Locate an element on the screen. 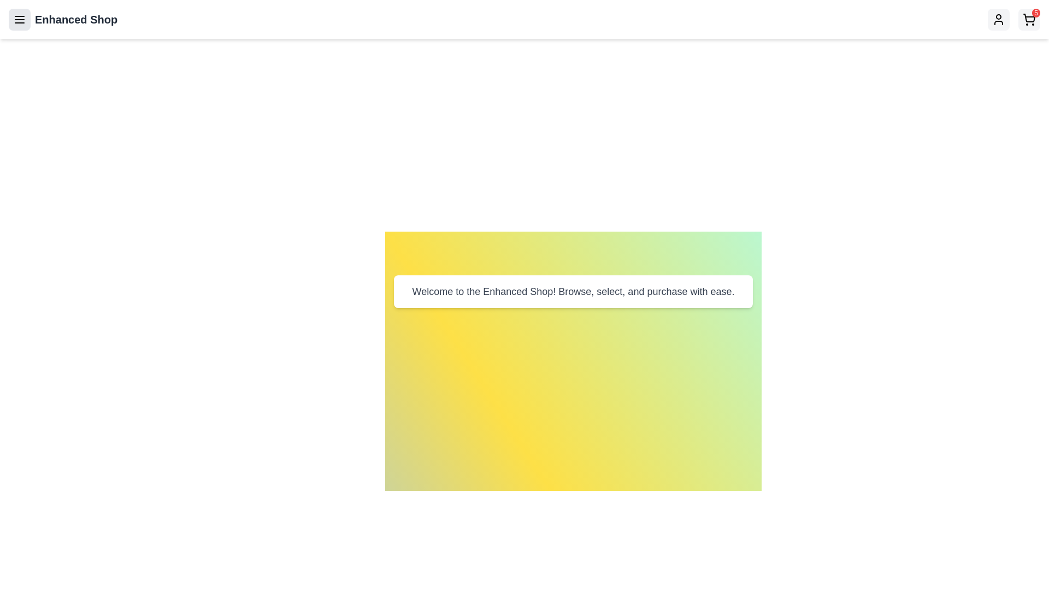  the shopping cart icon to view the cart details is located at coordinates (1028, 19).